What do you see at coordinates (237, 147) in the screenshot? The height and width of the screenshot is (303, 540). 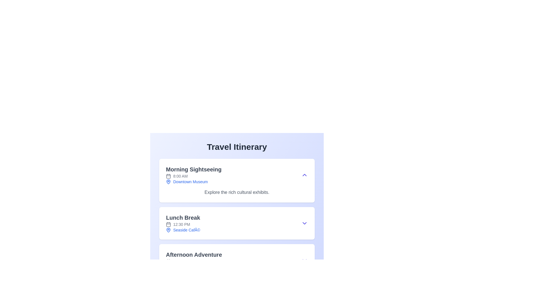 I see `the heading or title text located at the top of the content area, which introduces the subsequent information` at bounding box center [237, 147].